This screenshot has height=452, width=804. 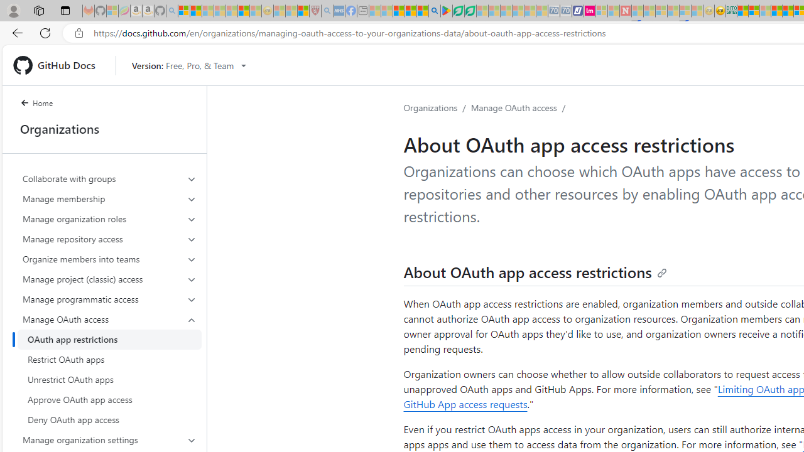 What do you see at coordinates (520, 107) in the screenshot?
I see `'Manage OAuth access/'` at bounding box center [520, 107].